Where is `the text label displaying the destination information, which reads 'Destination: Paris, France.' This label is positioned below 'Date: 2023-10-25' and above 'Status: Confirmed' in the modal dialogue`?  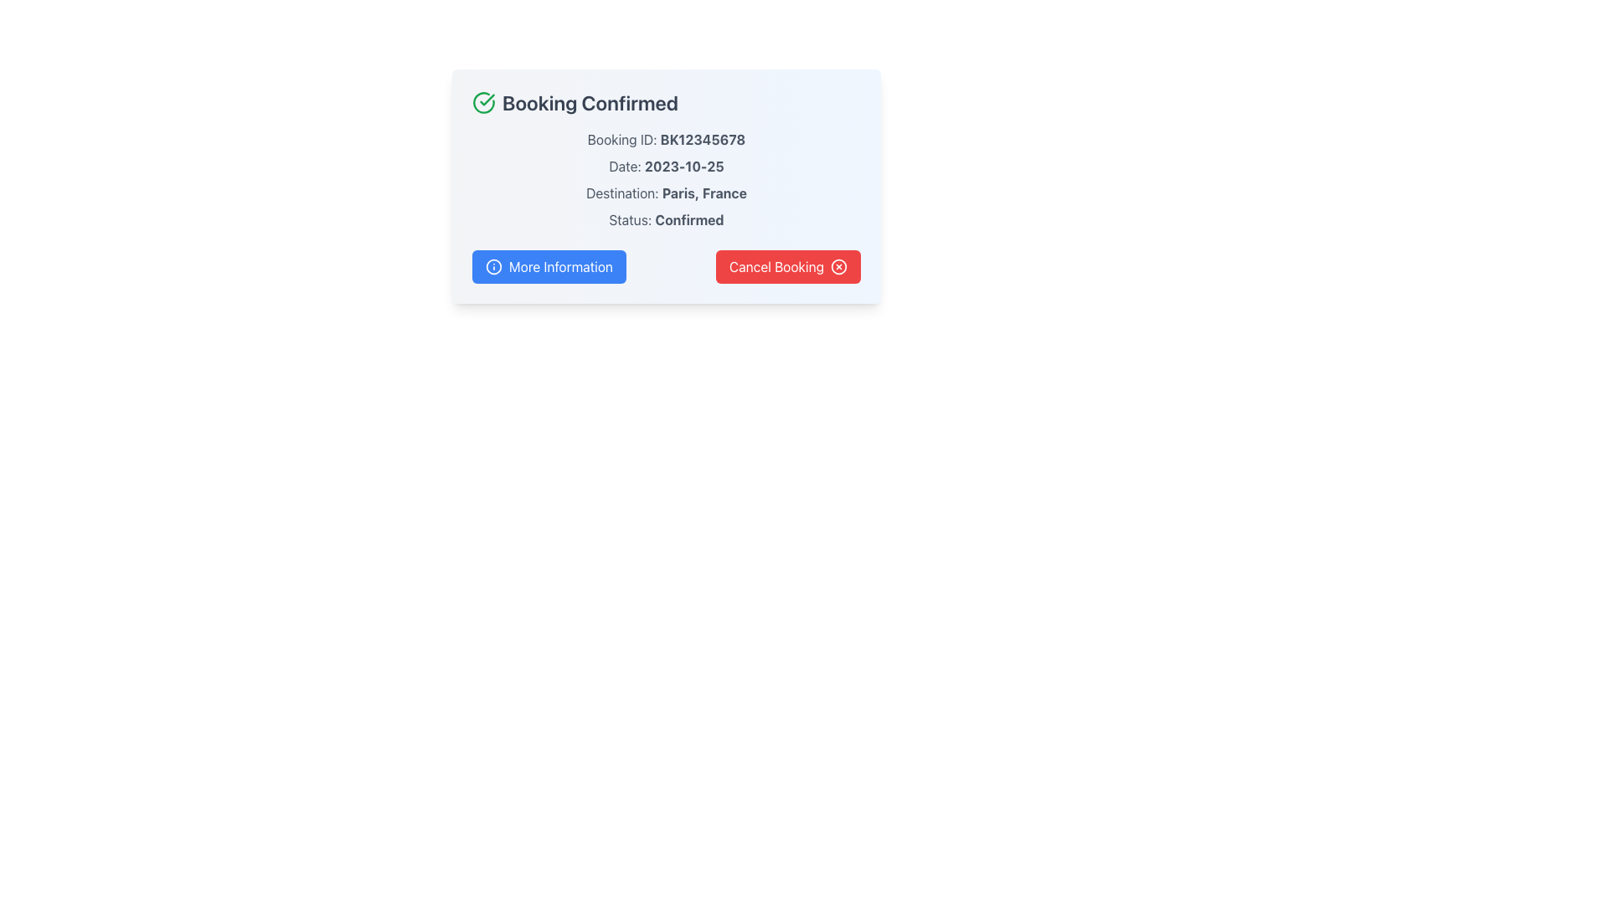 the text label displaying the destination information, which reads 'Destination: Paris, France.' This label is positioned below 'Date: 2023-10-25' and above 'Status: Confirmed' in the modal dialogue is located at coordinates (704, 193).